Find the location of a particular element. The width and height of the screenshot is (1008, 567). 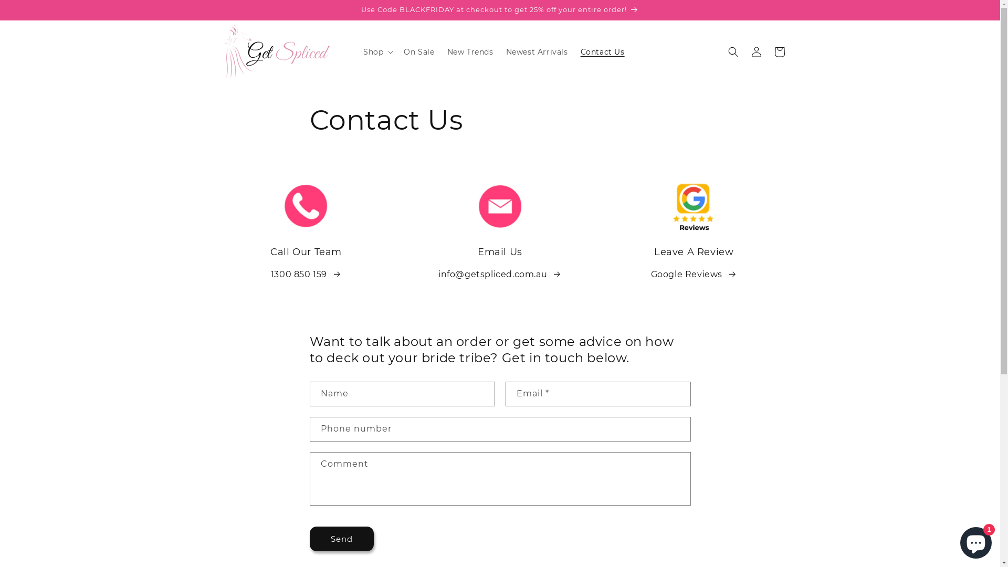

'On Sale' is located at coordinates (418, 52).